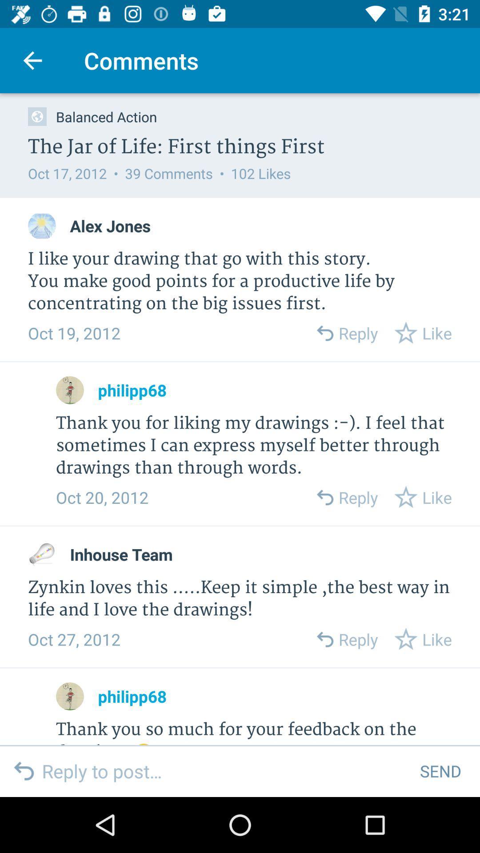  Describe the element at coordinates (324, 639) in the screenshot. I see `forward` at that location.